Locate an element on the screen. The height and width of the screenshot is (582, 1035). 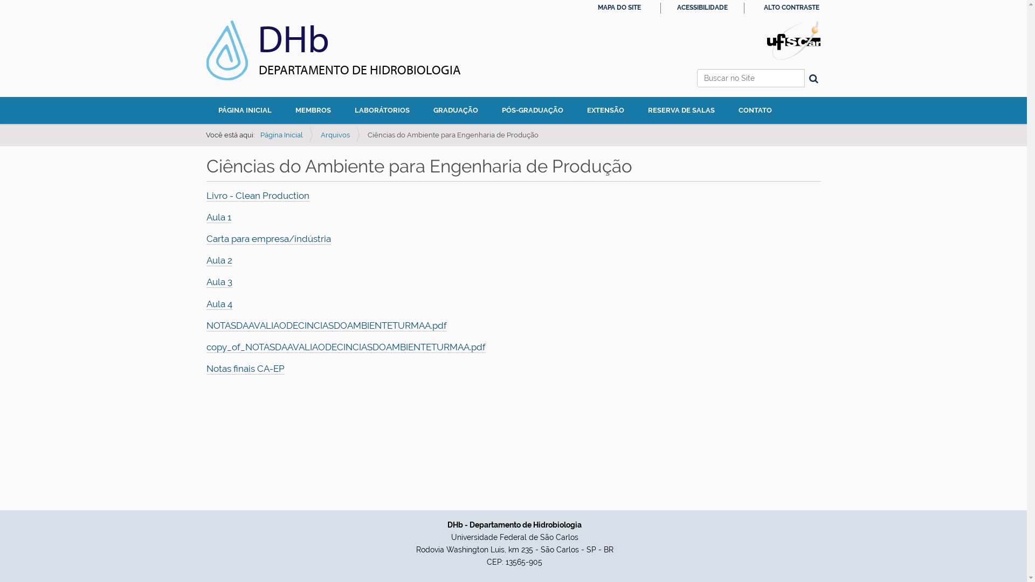
'Notas finais CA-EP' is located at coordinates (244, 368).